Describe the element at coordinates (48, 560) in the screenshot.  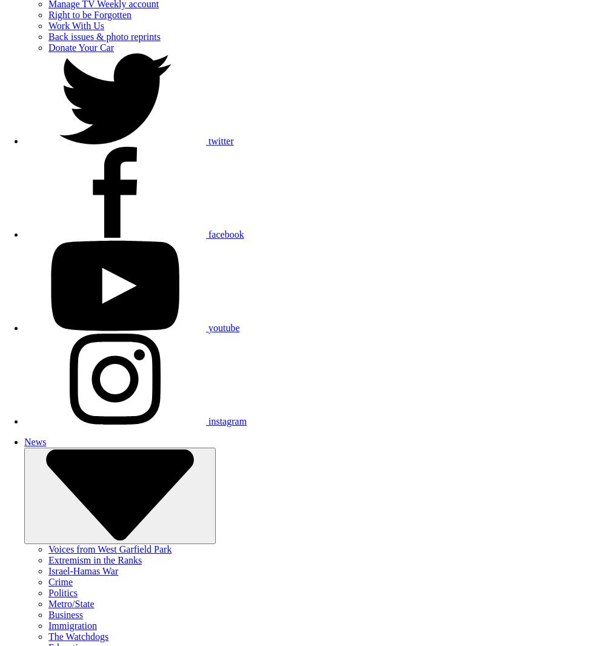
I see `'Extremism in the Ranks'` at that location.